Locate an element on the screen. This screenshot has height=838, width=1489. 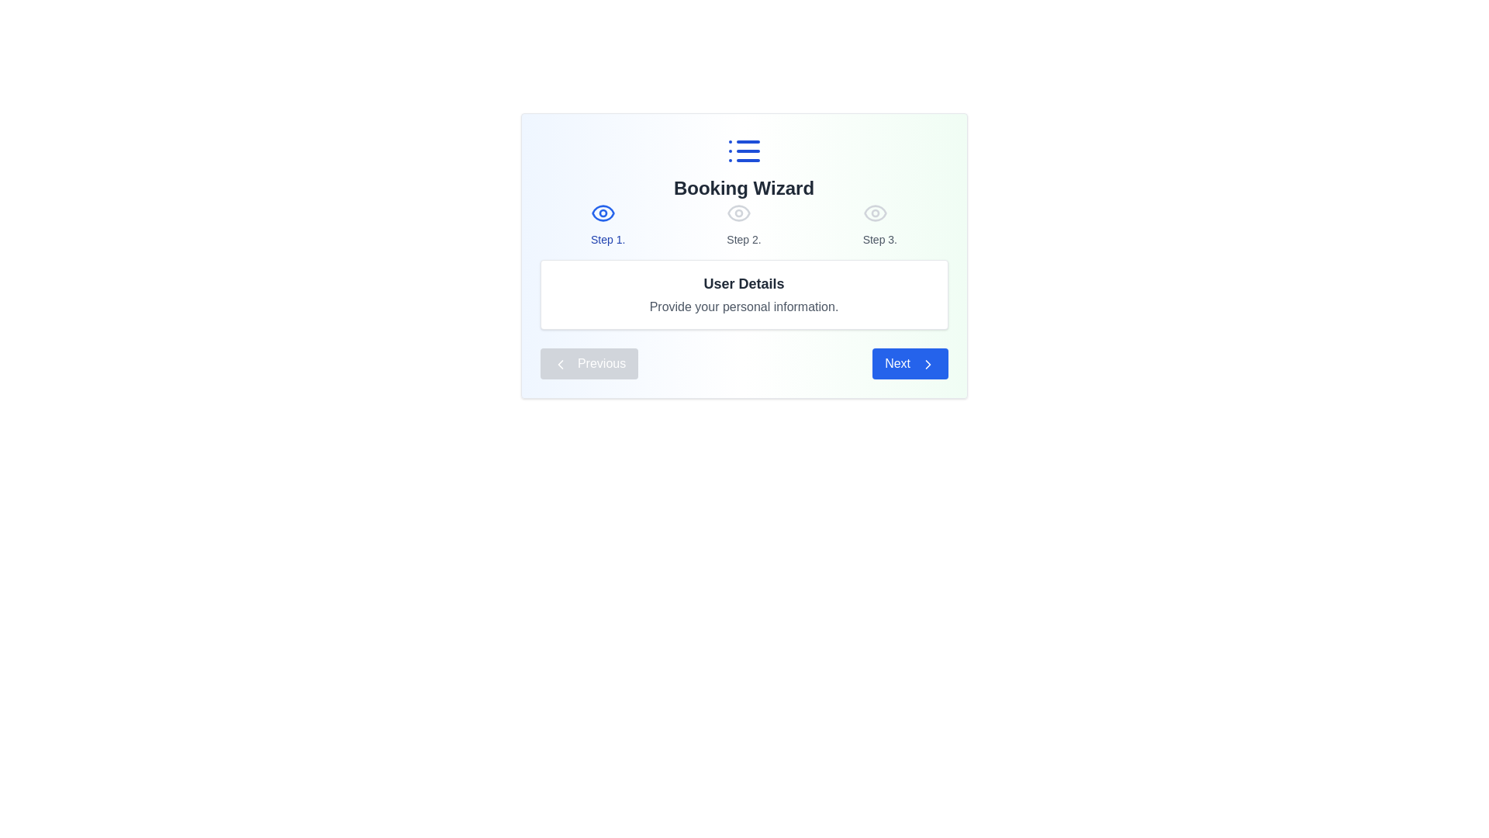
the non-interactive step indicator icon representing Step 2 in the booking wizard, positioned horizontally between Step 1 and Step 3 is located at coordinates (738, 213).